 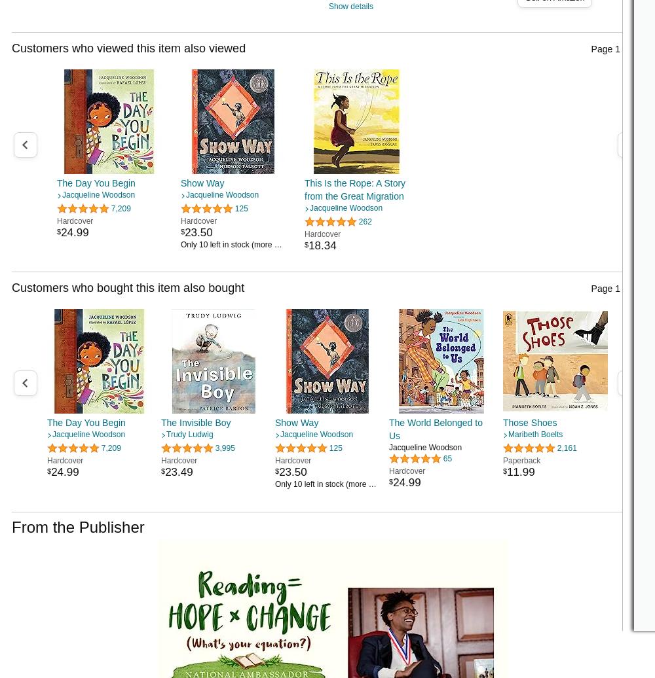 What do you see at coordinates (637, 287) in the screenshot?
I see `'20'` at bounding box center [637, 287].